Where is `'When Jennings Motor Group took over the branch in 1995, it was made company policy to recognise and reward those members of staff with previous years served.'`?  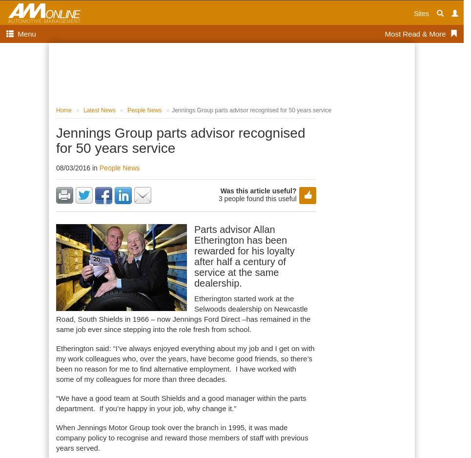 'When Jennings Motor Group took over the branch in 1995, it was made company policy to recognise and reward those members of staff with previous years served.' is located at coordinates (181, 437).